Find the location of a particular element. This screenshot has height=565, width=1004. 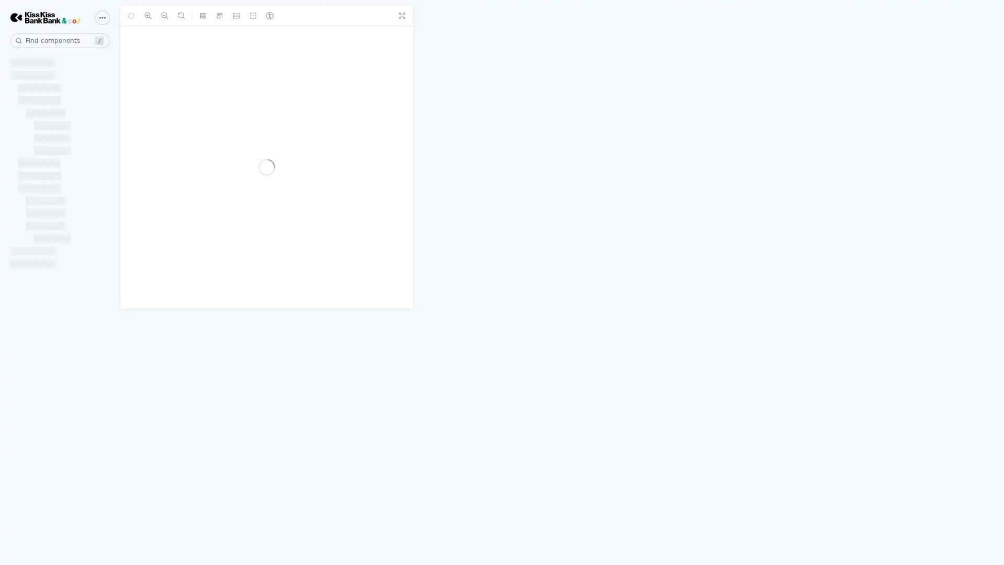

TYPOGRAPHY is located at coordinates (40, 535).